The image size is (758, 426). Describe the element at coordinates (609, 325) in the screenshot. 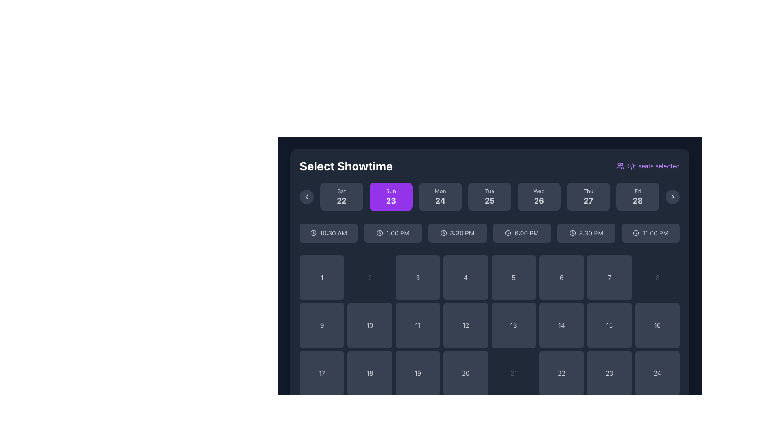

I see `the button labeled '15' in the grid interface, located in the second row and seventh column` at that location.